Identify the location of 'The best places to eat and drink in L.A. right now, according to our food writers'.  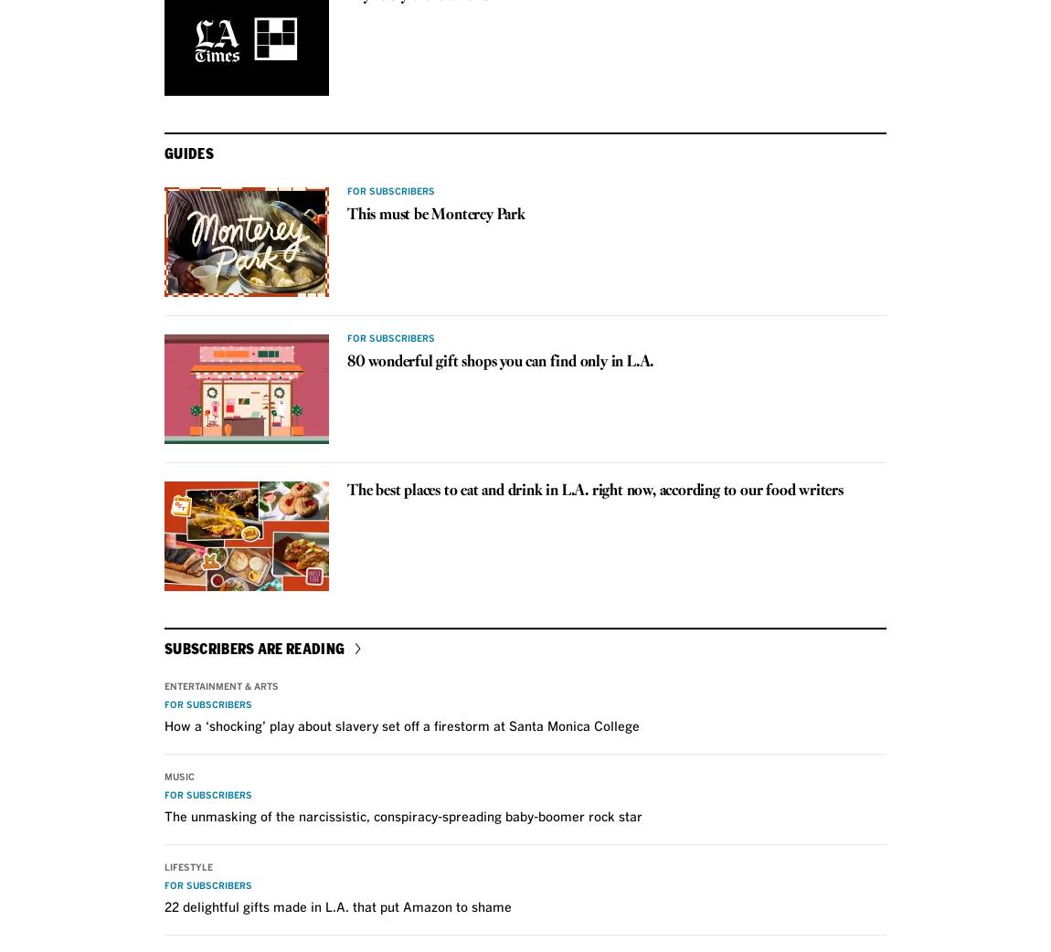
(594, 489).